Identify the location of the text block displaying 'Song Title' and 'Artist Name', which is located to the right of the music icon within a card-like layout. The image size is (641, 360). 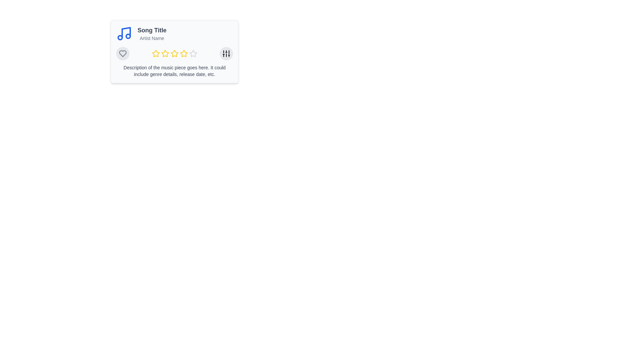
(152, 33).